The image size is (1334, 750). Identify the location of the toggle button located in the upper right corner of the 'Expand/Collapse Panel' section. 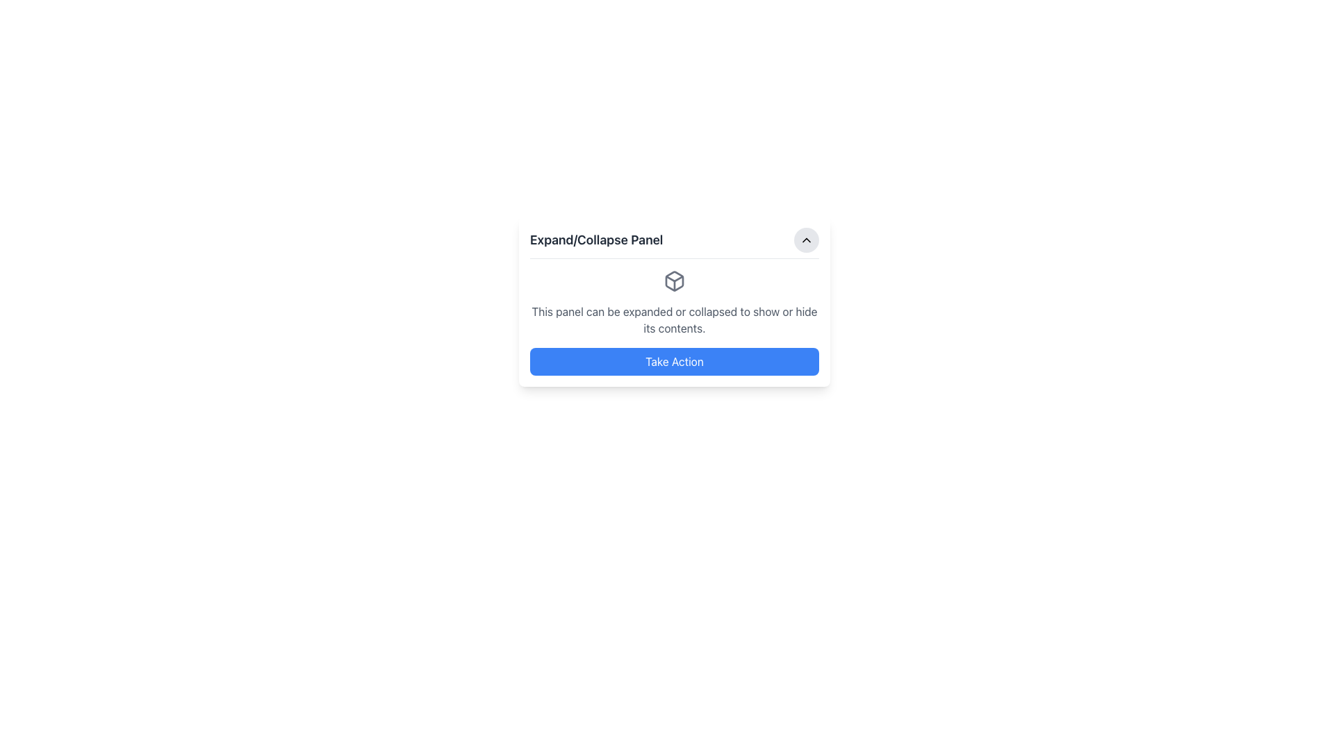
(807, 240).